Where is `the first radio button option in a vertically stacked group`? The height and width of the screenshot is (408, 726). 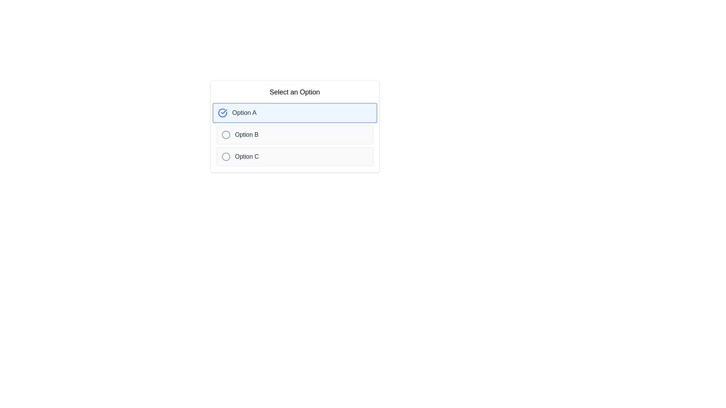 the first radio button option in a vertically stacked group is located at coordinates (294, 113).